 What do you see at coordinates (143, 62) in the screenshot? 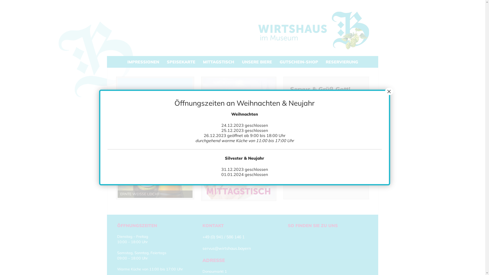
I see `'IMPRESSIONEN'` at bounding box center [143, 62].